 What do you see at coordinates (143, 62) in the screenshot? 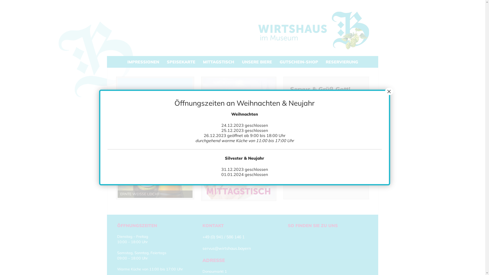
I see `'IMPRESSIONEN'` at bounding box center [143, 62].